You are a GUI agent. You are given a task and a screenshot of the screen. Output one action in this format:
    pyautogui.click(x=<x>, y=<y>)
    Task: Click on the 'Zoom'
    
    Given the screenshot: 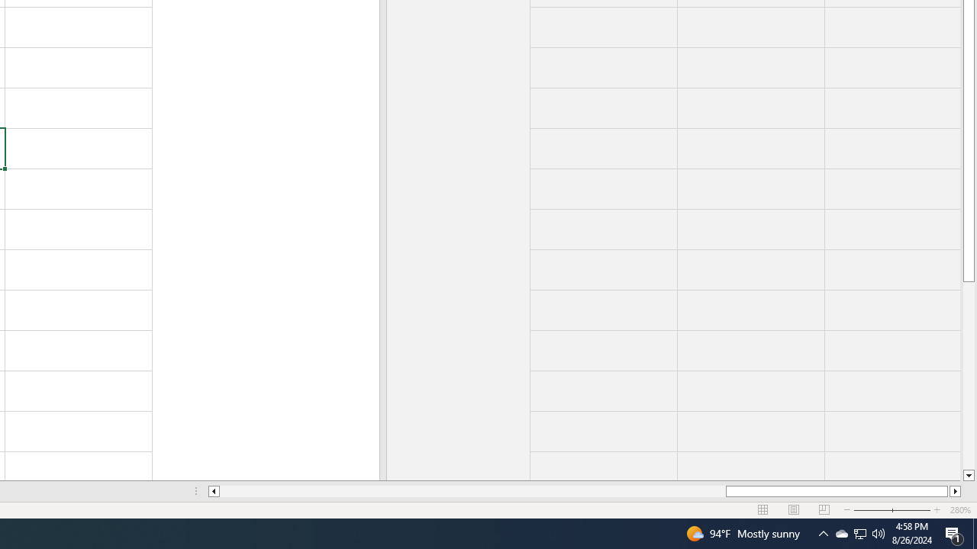 What is the action you would take?
    pyautogui.click(x=892, y=510)
    